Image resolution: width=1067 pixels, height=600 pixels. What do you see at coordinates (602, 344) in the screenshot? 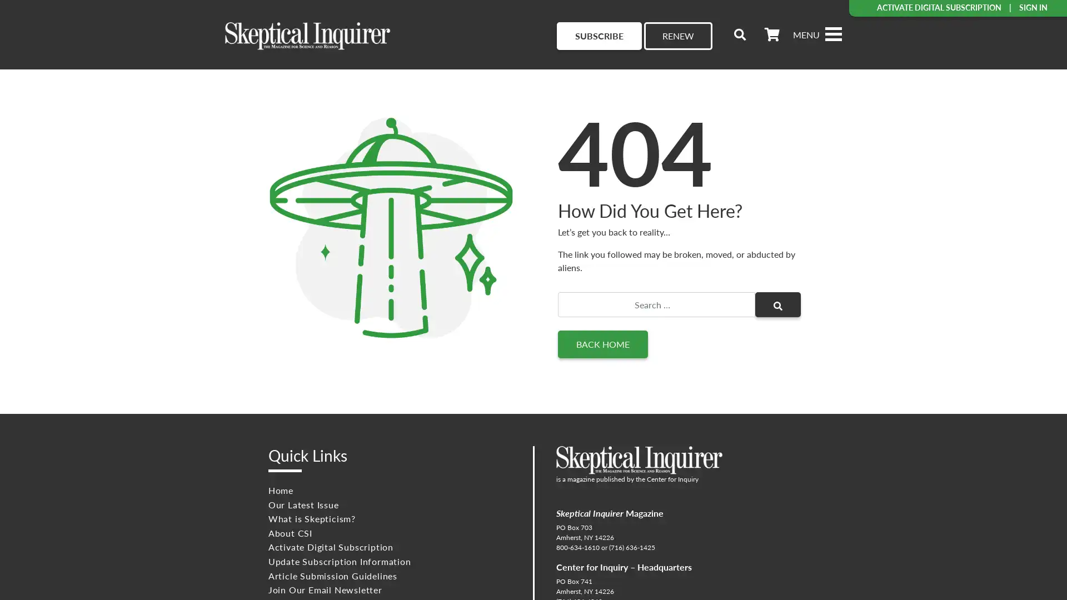
I see `BACK HOME` at bounding box center [602, 344].